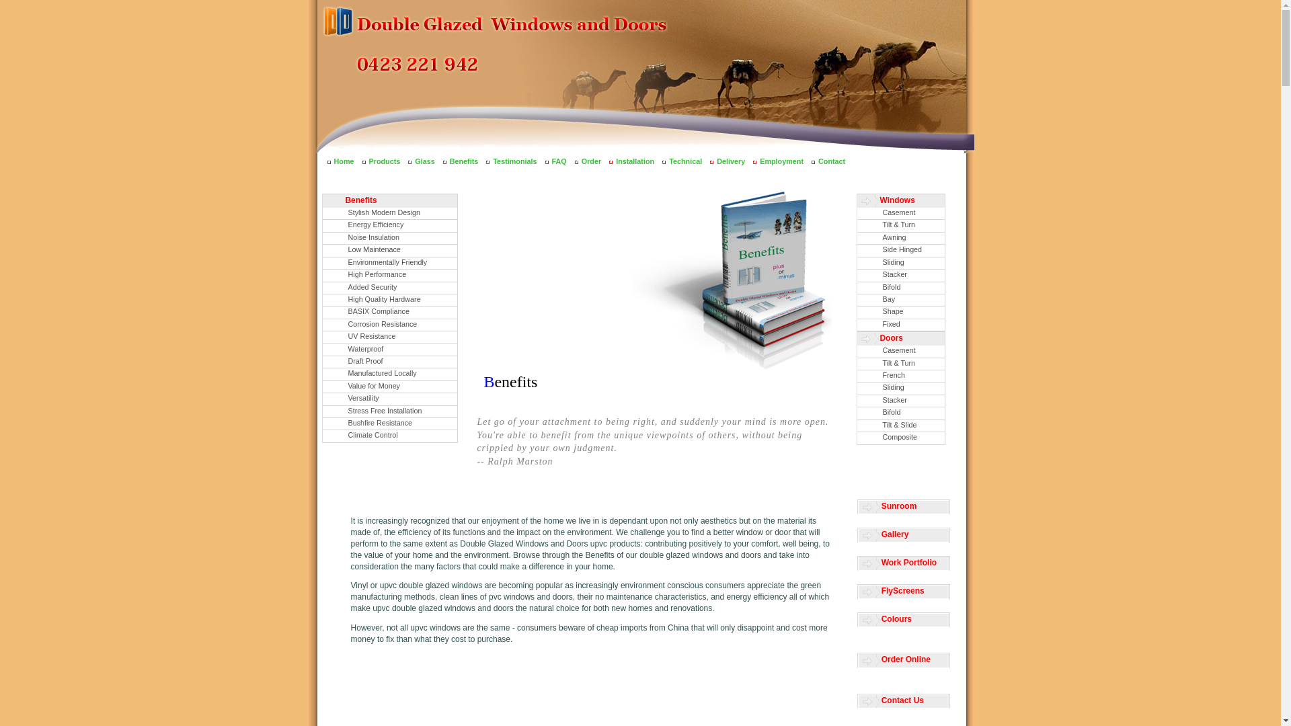  What do you see at coordinates (904, 507) in the screenshot?
I see `'Sunroom'` at bounding box center [904, 507].